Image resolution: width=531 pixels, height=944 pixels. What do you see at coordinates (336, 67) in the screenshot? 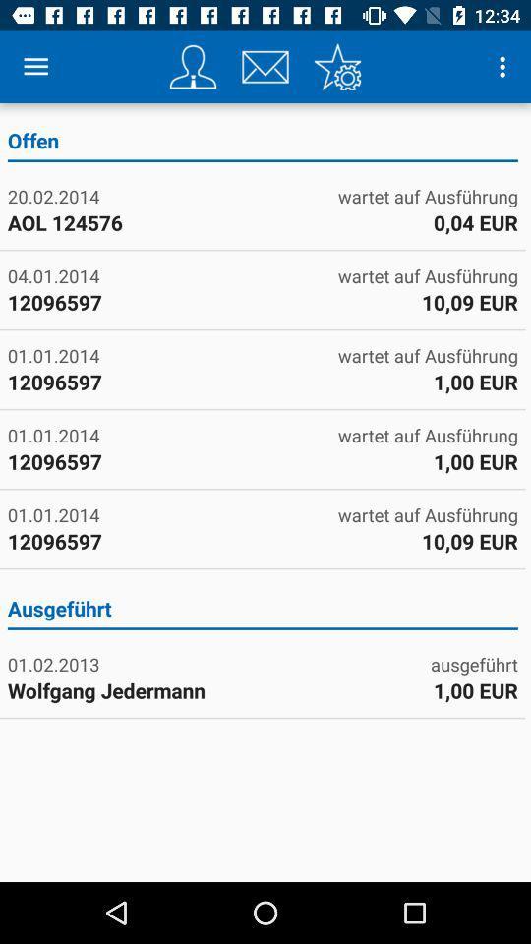
I see `icon above the offen item` at bounding box center [336, 67].